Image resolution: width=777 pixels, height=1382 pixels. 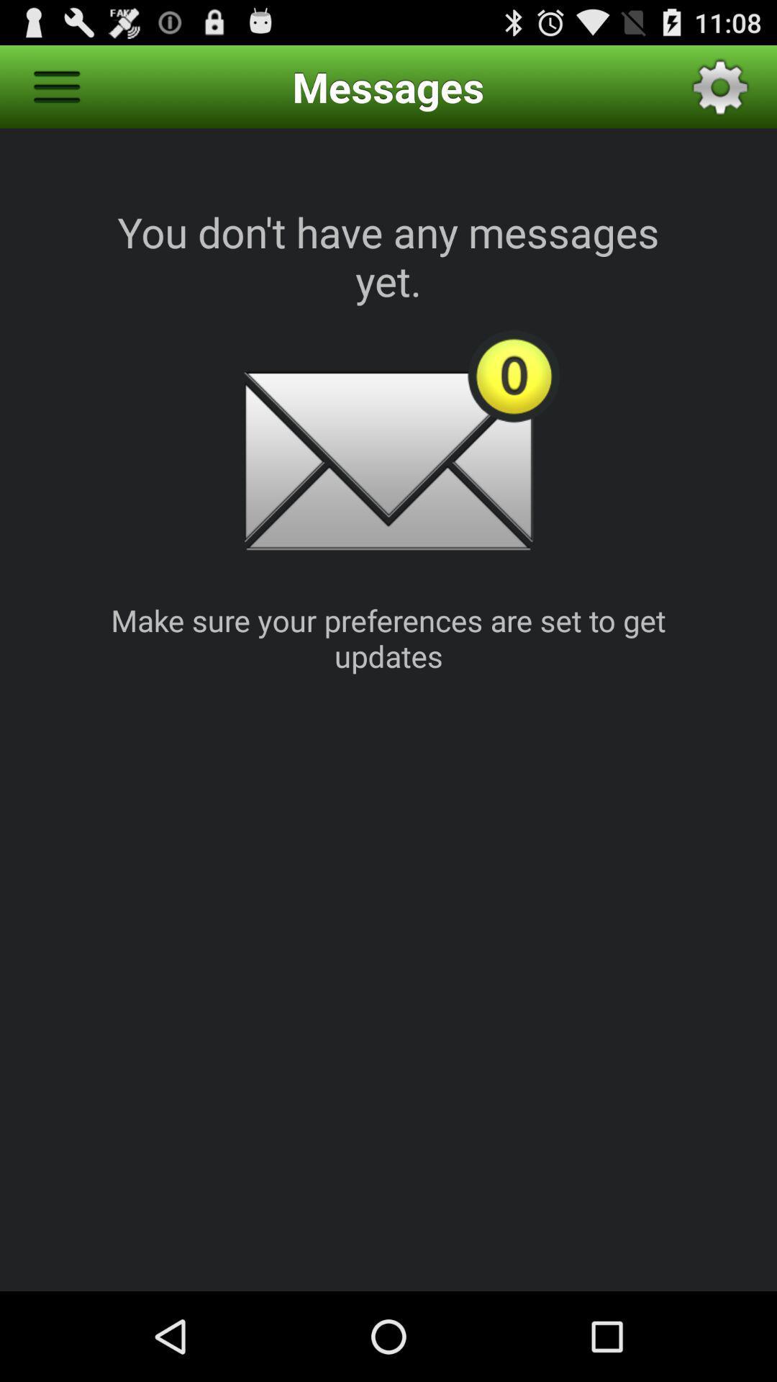 I want to click on the icon to the right of the messages icon, so click(x=720, y=86).